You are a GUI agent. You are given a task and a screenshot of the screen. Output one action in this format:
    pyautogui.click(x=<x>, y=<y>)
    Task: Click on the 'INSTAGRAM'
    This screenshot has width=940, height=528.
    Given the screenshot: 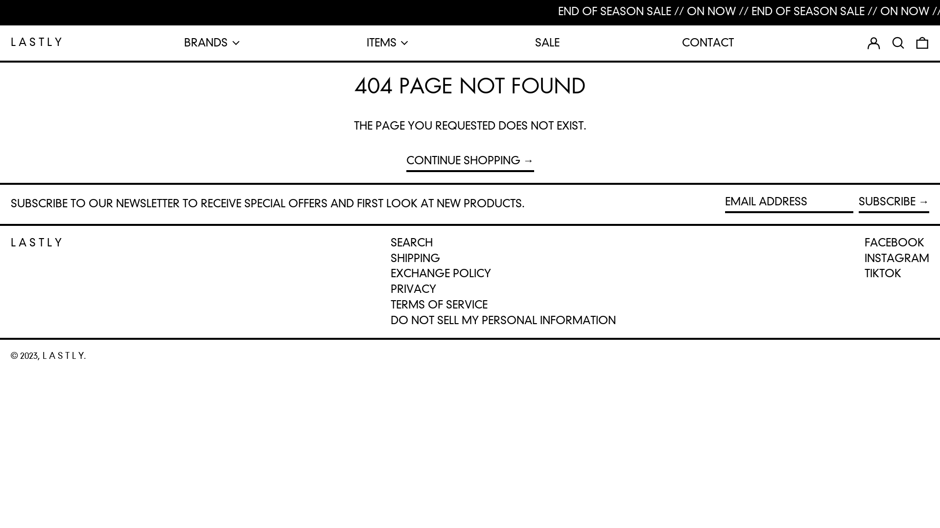 What is the action you would take?
    pyautogui.click(x=897, y=258)
    